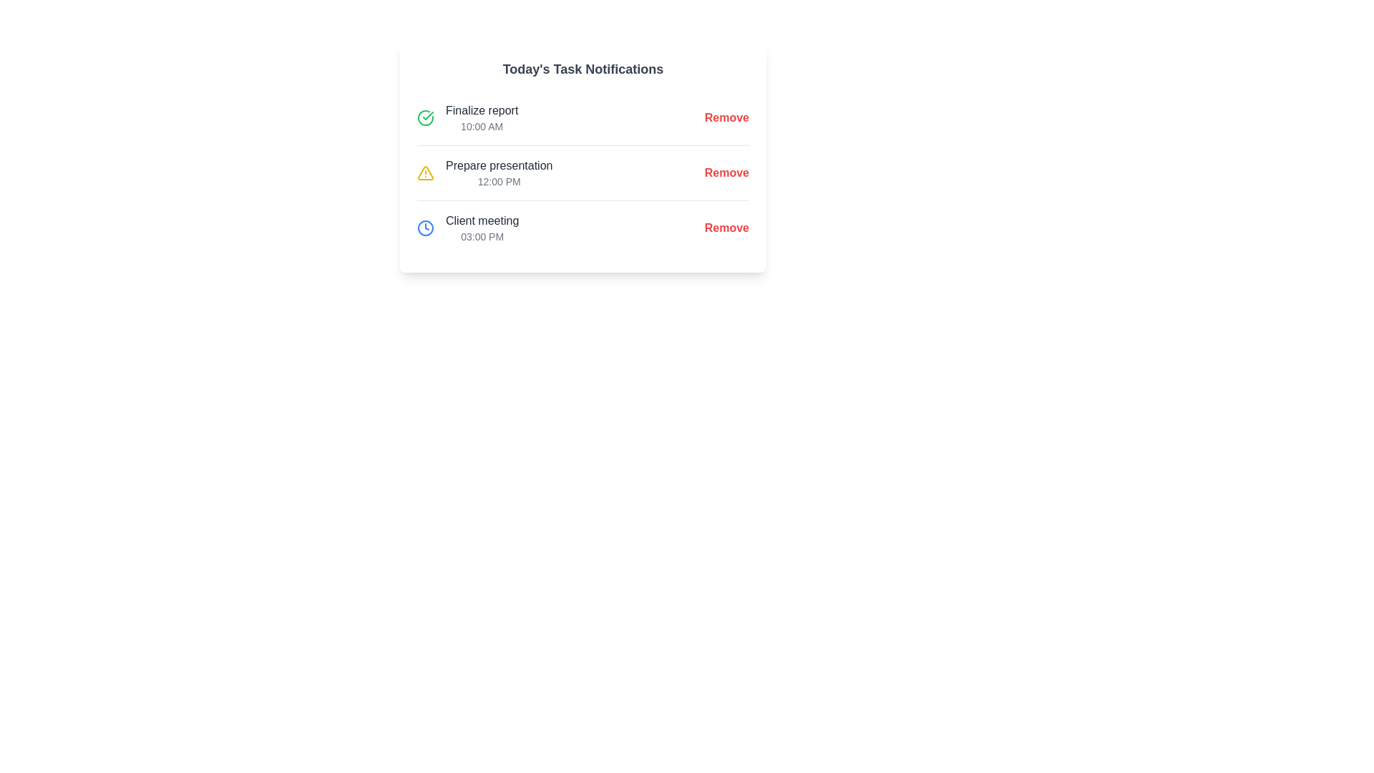  What do you see at coordinates (425, 228) in the screenshot?
I see `the circular component of the clock icon indicating the time for the 'Client meeting 03:00 PM' notification, which is located in the leftmost section of the third row in the notification panel` at bounding box center [425, 228].